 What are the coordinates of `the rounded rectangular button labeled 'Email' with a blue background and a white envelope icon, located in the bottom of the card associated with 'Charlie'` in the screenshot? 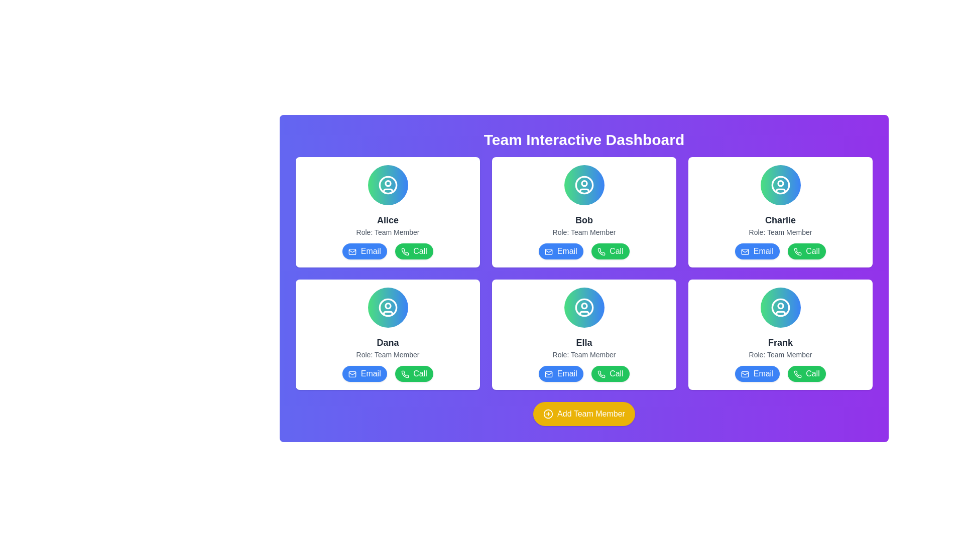 It's located at (757, 251).